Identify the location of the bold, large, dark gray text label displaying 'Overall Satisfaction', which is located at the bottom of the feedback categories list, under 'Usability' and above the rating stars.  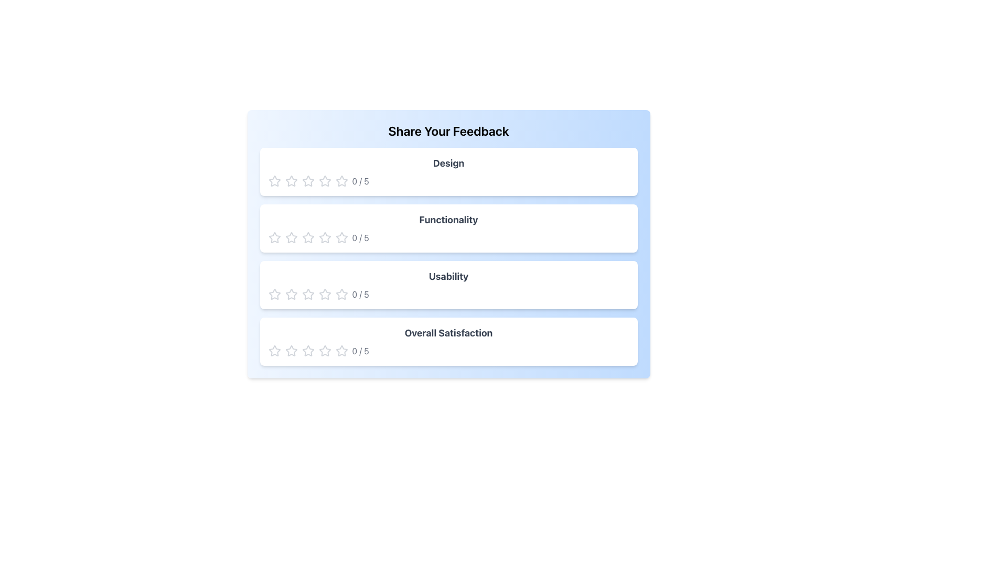
(448, 333).